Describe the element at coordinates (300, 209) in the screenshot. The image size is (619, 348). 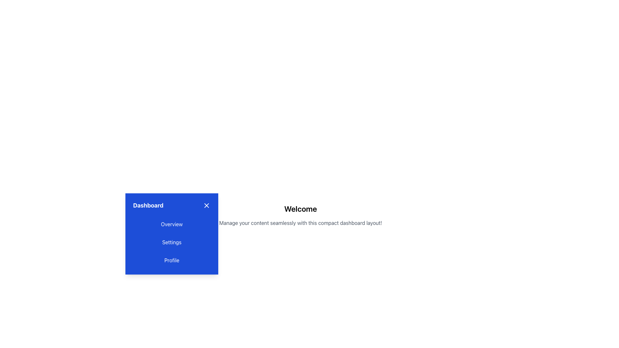
I see `the welcoming header text located in the overview section, positioned above the content management description` at that location.